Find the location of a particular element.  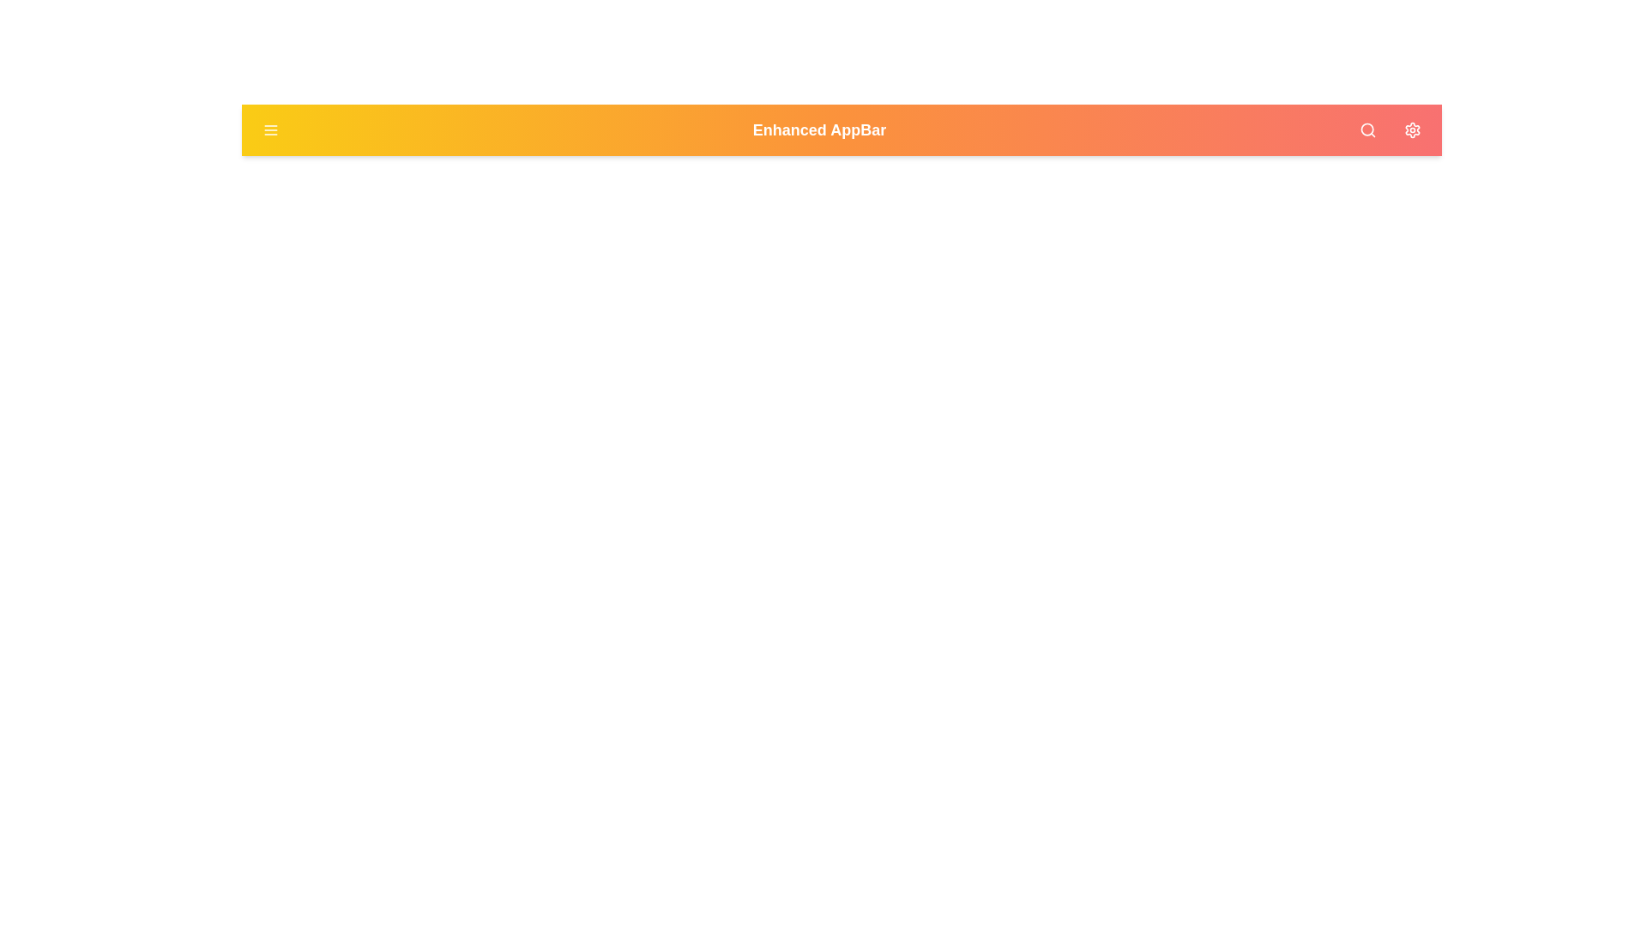

the menu button to open the menu is located at coordinates (270, 129).